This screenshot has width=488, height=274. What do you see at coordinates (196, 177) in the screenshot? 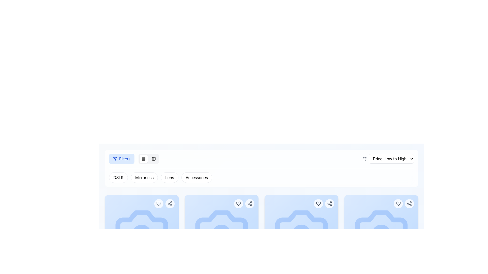
I see `the rounded rectangular button labeled 'Accessories' that has a white background and a hover effect` at bounding box center [196, 177].